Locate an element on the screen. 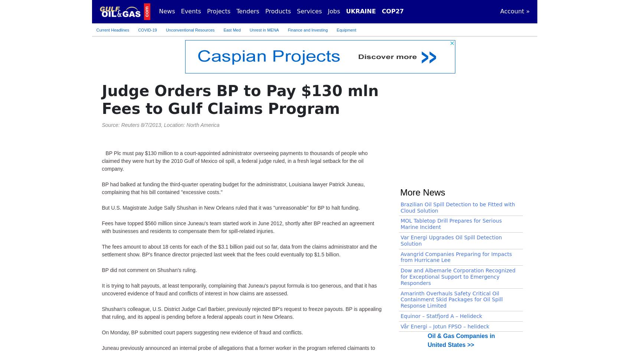 This screenshot has width=629, height=351. 'United States >>  10/12/2023' is located at coordinates (167, 240).